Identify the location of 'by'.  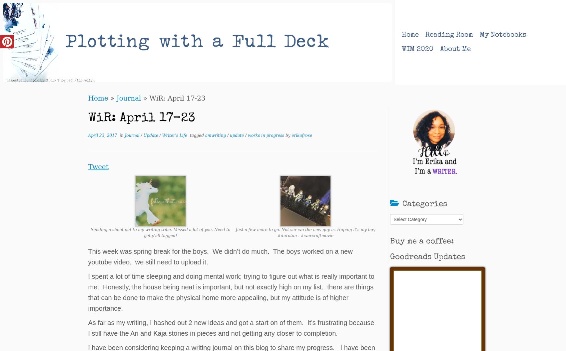
(288, 135).